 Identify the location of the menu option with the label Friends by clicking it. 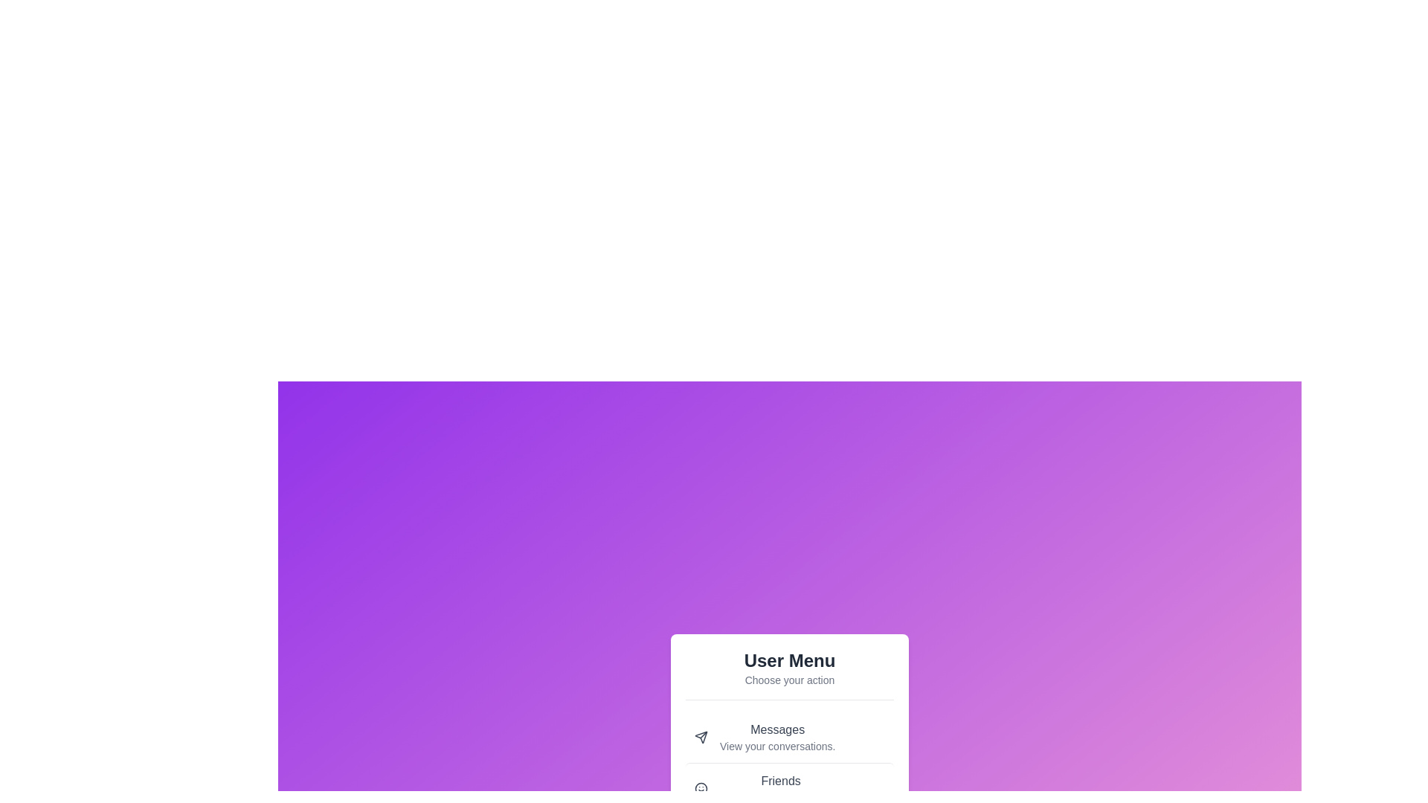
(788, 787).